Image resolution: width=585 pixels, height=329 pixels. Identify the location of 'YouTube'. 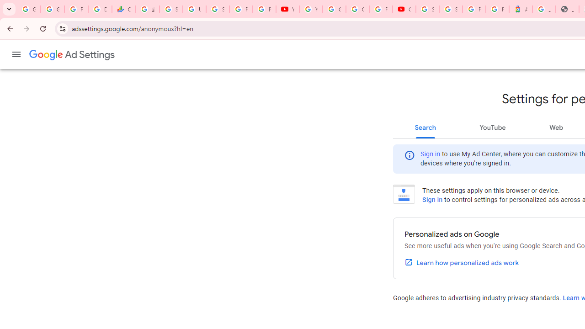
(492, 127).